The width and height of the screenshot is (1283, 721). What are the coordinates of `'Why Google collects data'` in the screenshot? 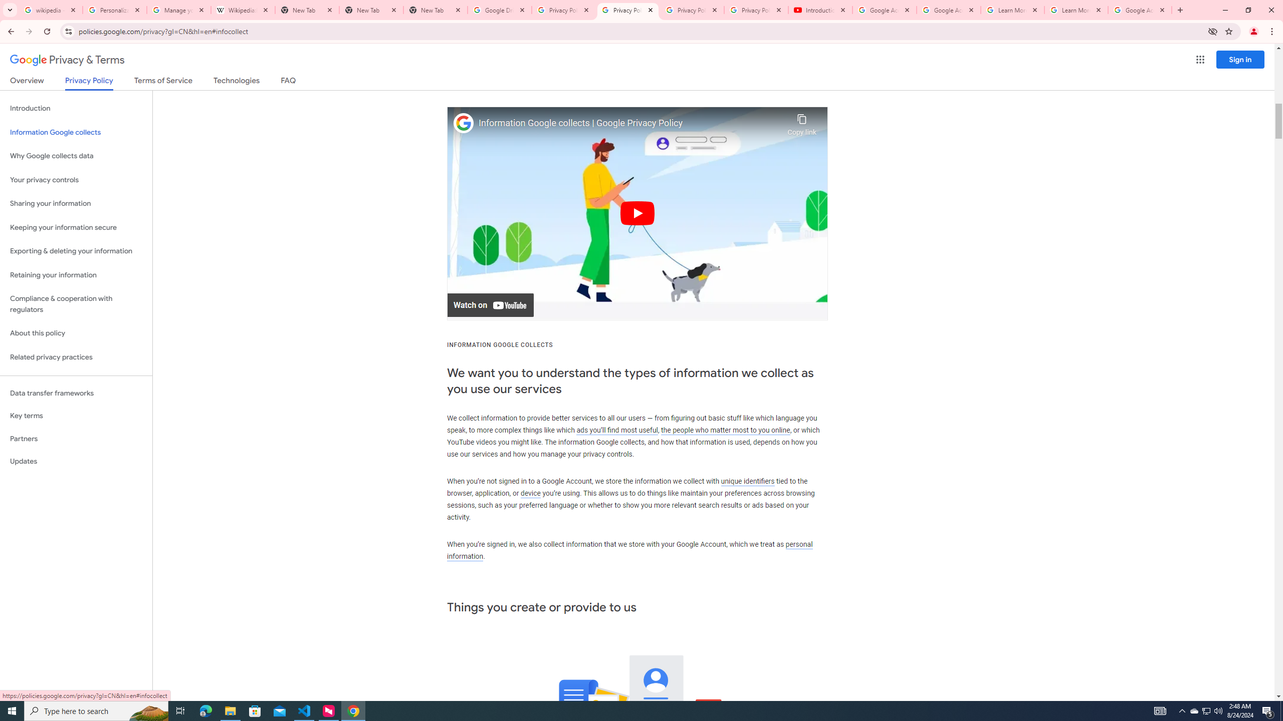 It's located at (76, 155).